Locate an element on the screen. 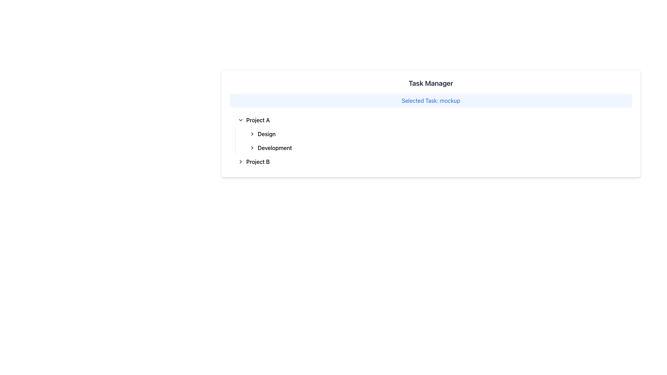  the Text Label that serves as a context for the 'Project A' category, positioned immediately to the right of the arrowhead icon is located at coordinates (266, 134).